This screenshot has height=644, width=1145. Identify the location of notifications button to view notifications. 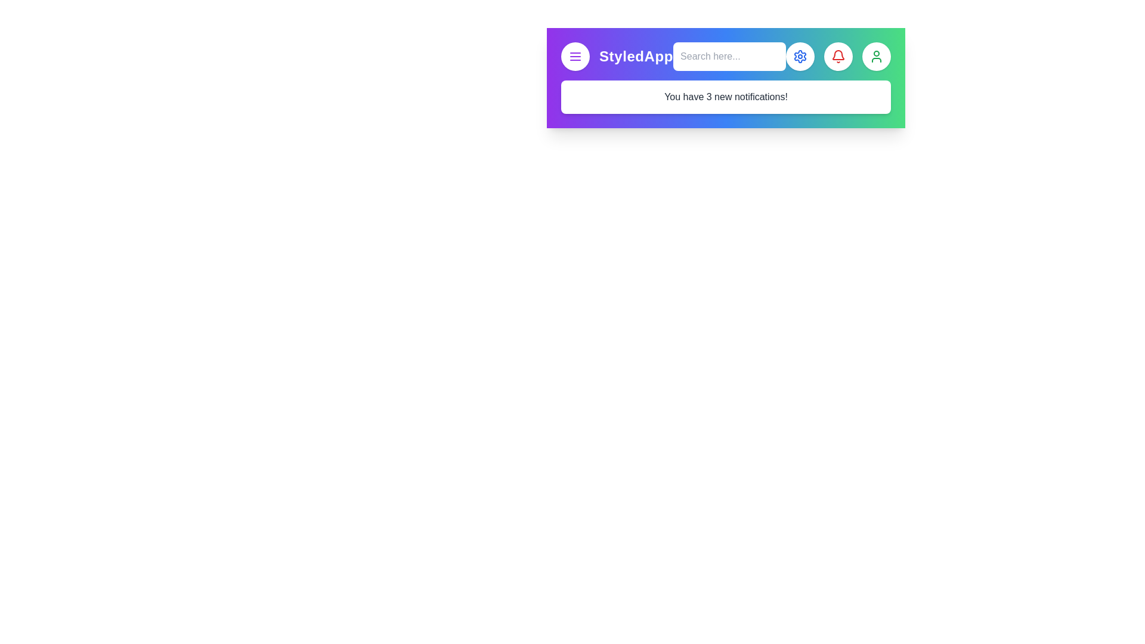
(838, 57).